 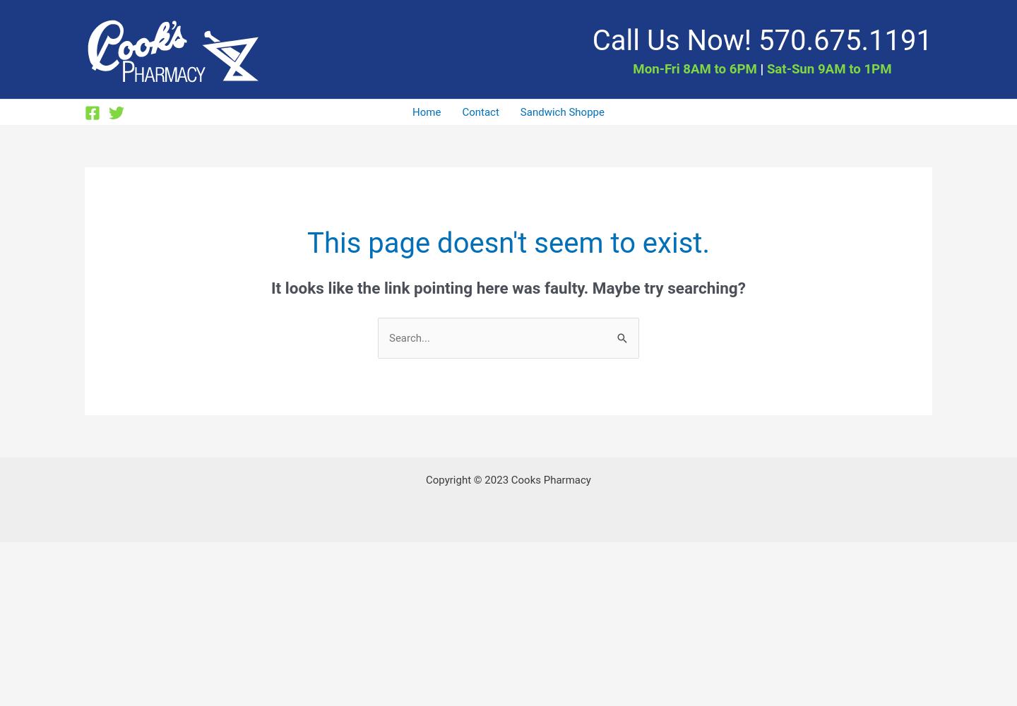 What do you see at coordinates (845, 40) in the screenshot?
I see `'570.675.1191'` at bounding box center [845, 40].